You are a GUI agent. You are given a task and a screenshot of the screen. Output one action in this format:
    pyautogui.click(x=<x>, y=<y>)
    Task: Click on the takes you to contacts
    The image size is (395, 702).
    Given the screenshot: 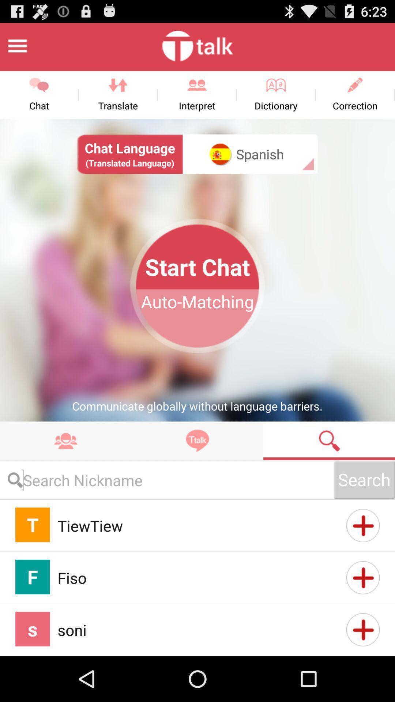 What is the action you would take?
    pyautogui.click(x=66, y=440)
    